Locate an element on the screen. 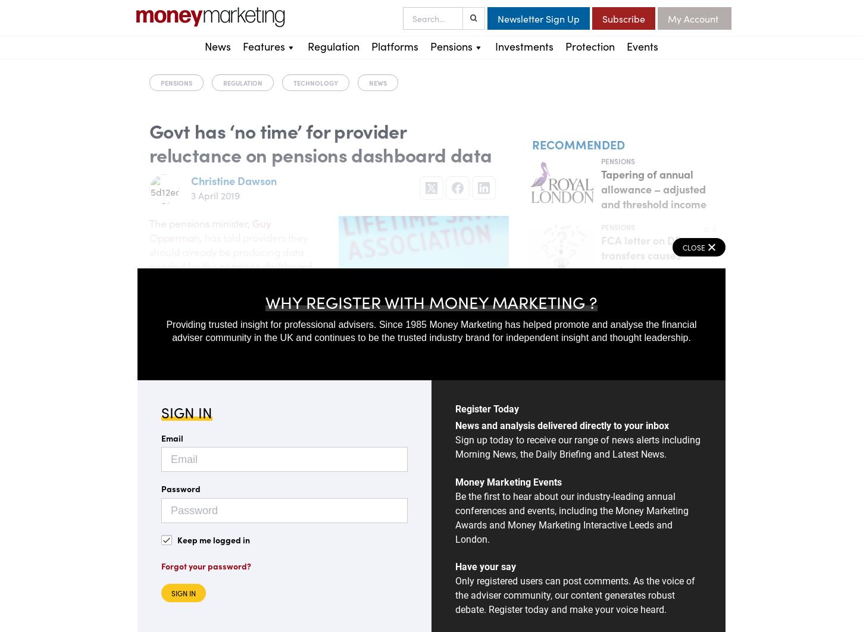 Image resolution: width=863 pixels, height=632 pixels. 'Features' is located at coordinates (263, 46).